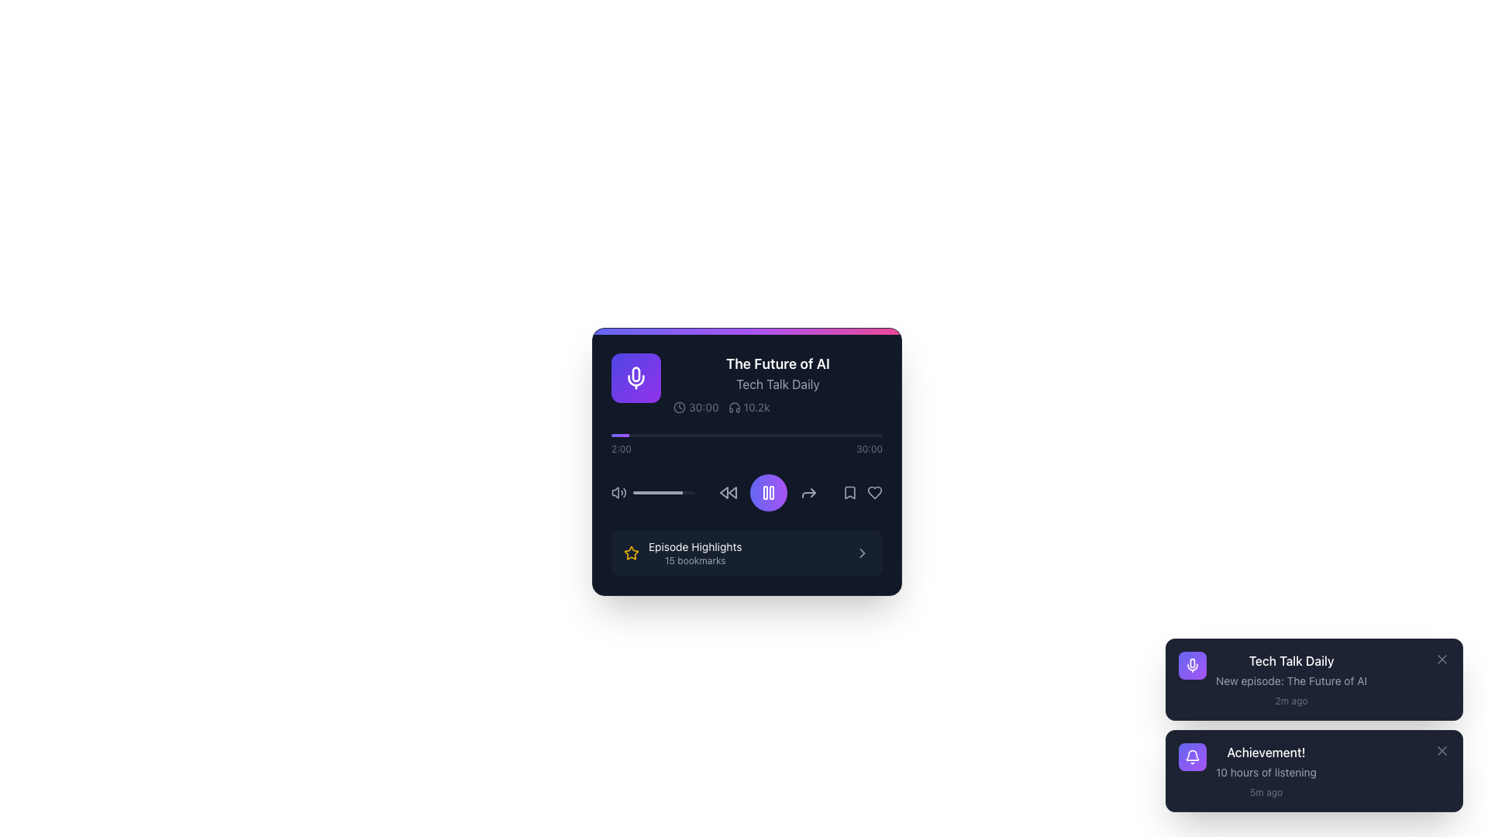 The width and height of the screenshot is (1488, 837). What do you see at coordinates (862, 493) in the screenshot?
I see `the icon group` at bounding box center [862, 493].